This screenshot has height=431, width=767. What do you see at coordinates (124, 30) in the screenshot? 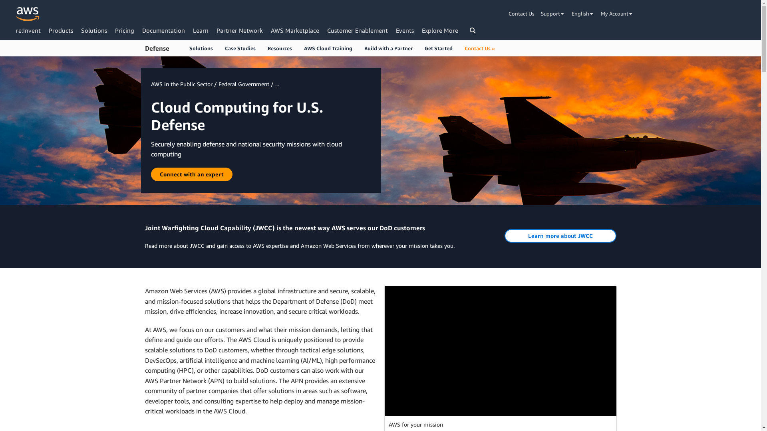
I see `'Pricing'` at bounding box center [124, 30].